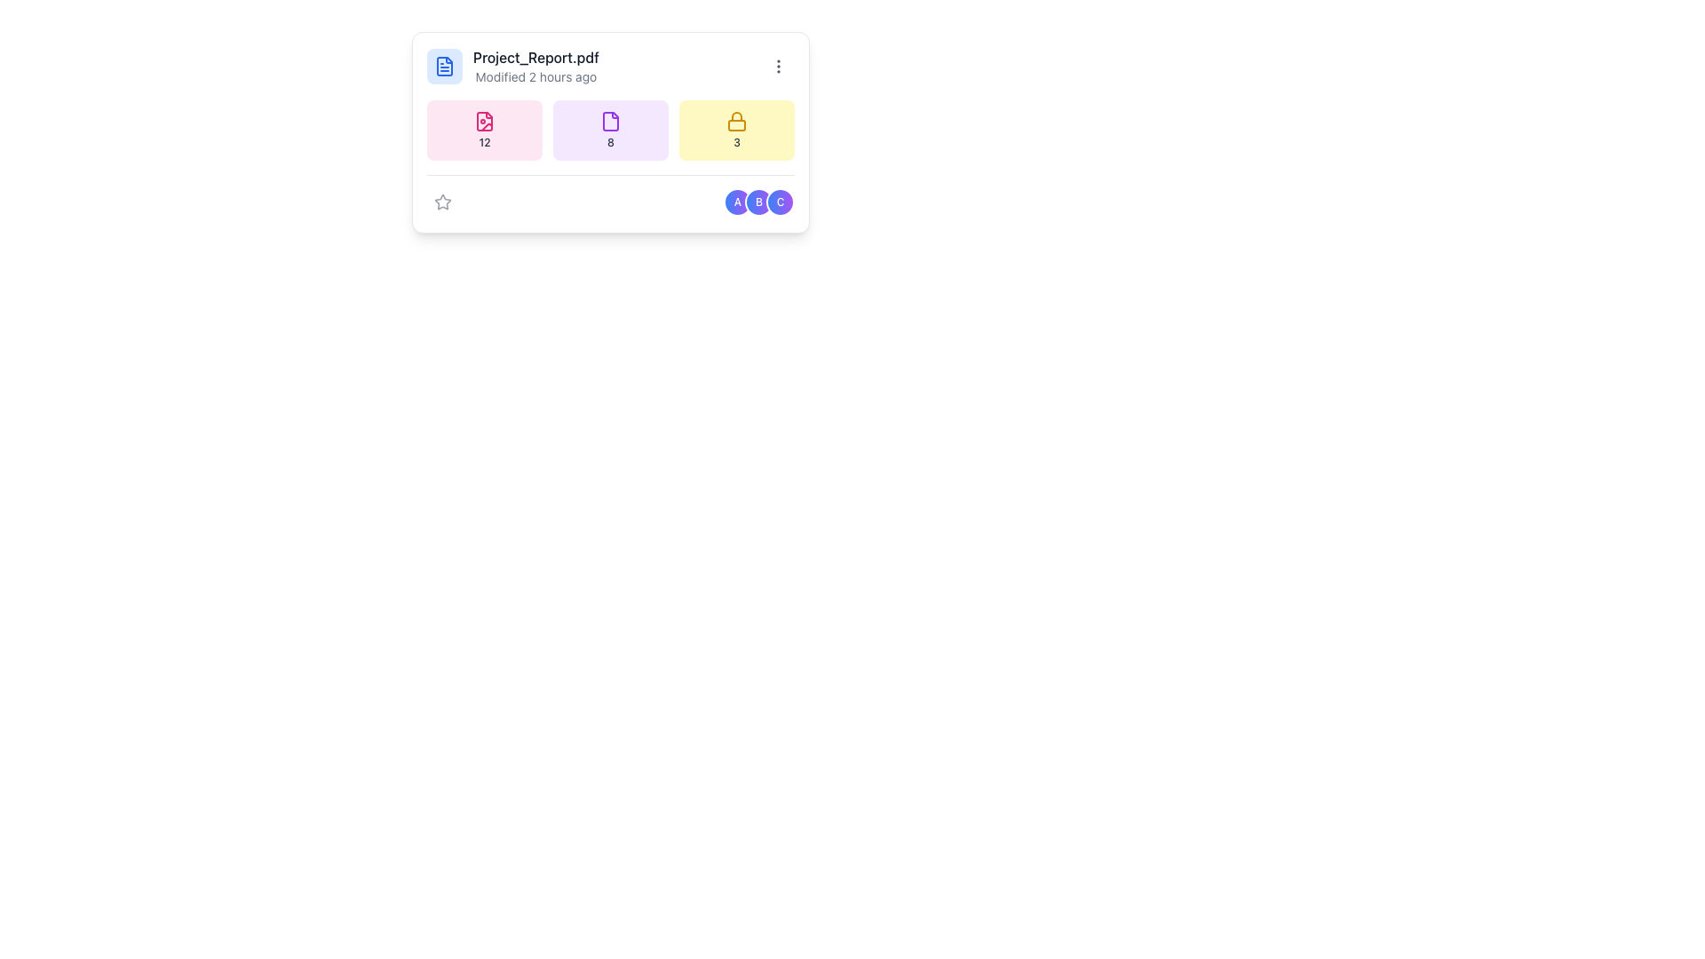 The width and height of the screenshot is (1705, 959). I want to click on text label displaying 'Project_Report.pdf', which is a bold dark gray text positioned at the top-left of a card-like UI component, so click(535, 57).